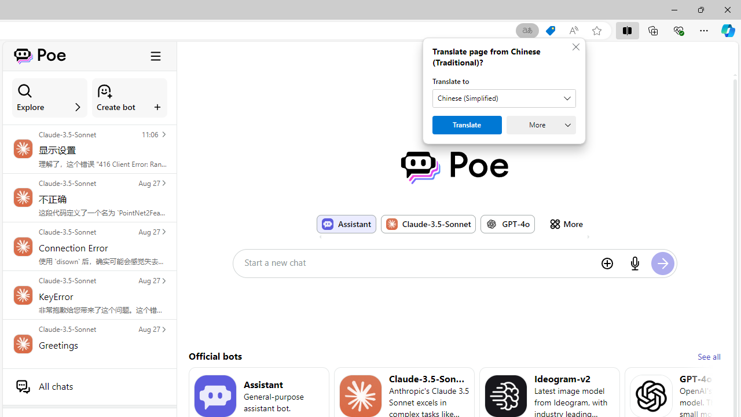 The height and width of the screenshot is (417, 741). Describe the element at coordinates (506, 395) in the screenshot. I see `'Bot image for Ideogram-v2'` at that location.